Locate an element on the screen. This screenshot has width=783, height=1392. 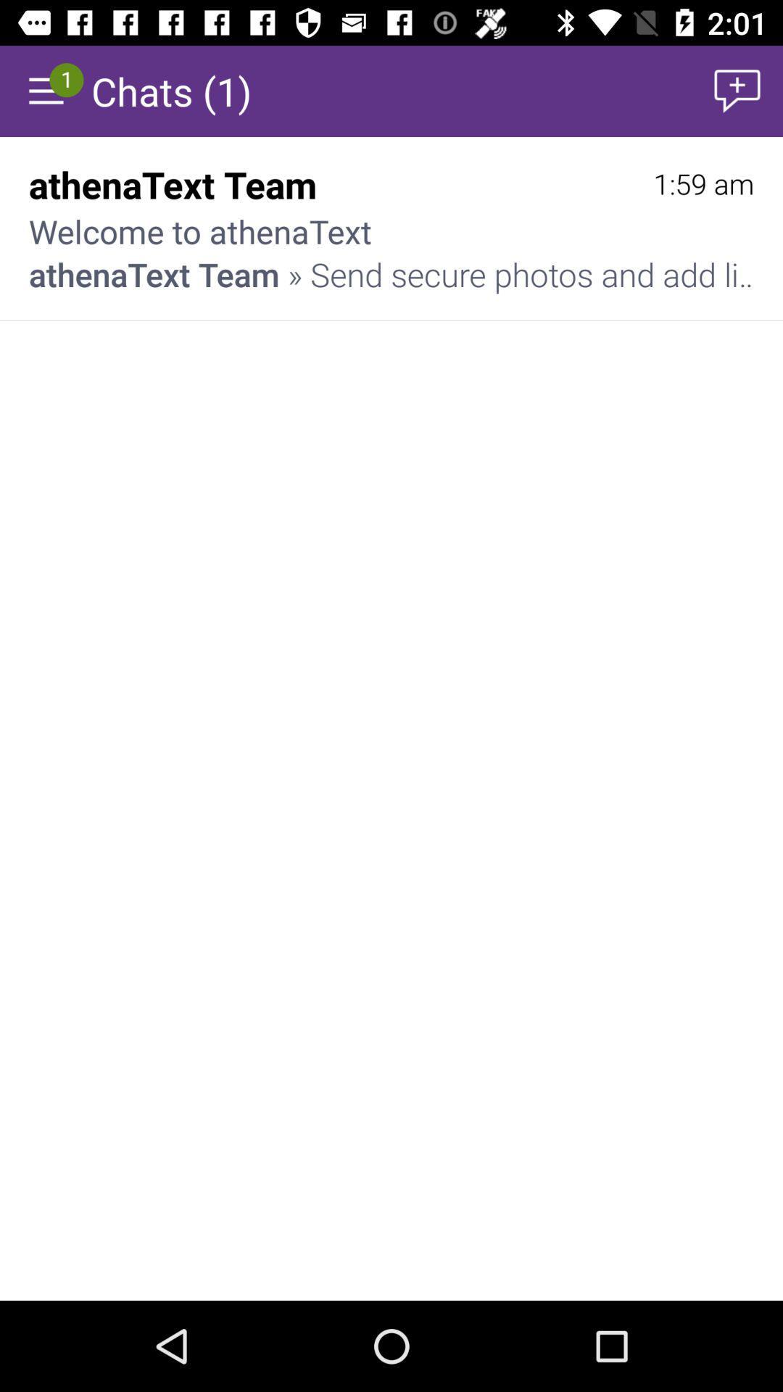
item next to athenatext team is located at coordinates (703, 183).